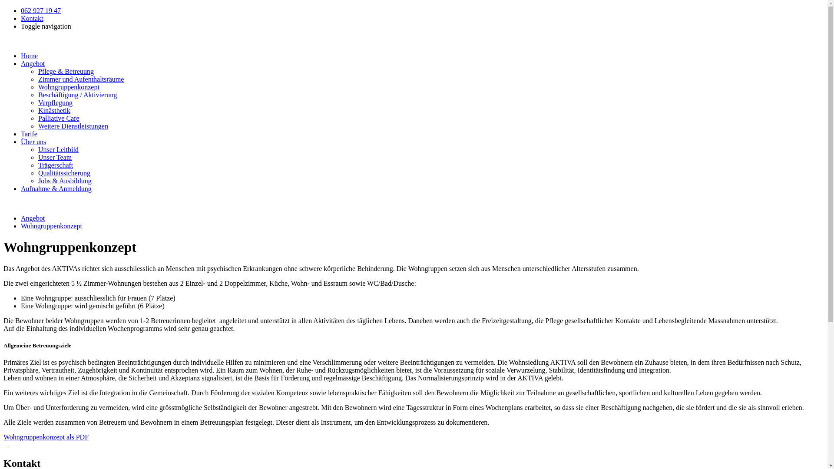 This screenshot has height=469, width=834. What do you see at coordinates (4, 445) in the screenshot?
I see `'WG2.JPG'` at bounding box center [4, 445].